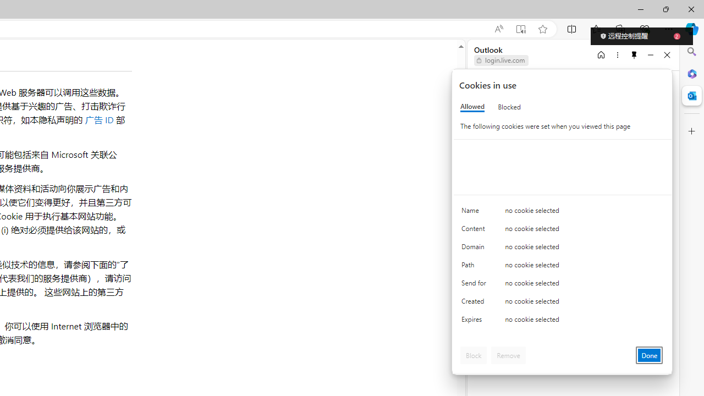 The height and width of the screenshot is (396, 704). Describe the element at coordinates (509, 107) in the screenshot. I see `'Blocked'` at that location.